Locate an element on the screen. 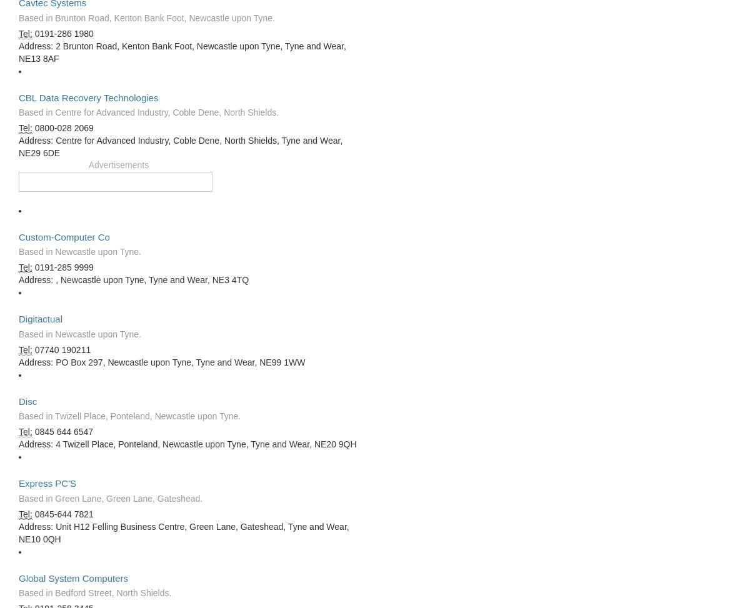 The image size is (750, 608). 'Based in Centre for Advanced Industry, Coble Dene, North Shields.' is located at coordinates (147, 112).